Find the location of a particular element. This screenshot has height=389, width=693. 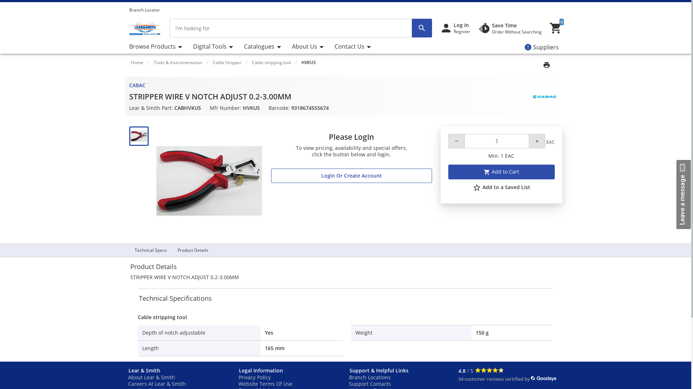

'Digital Tools' is located at coordinates (213, 47).